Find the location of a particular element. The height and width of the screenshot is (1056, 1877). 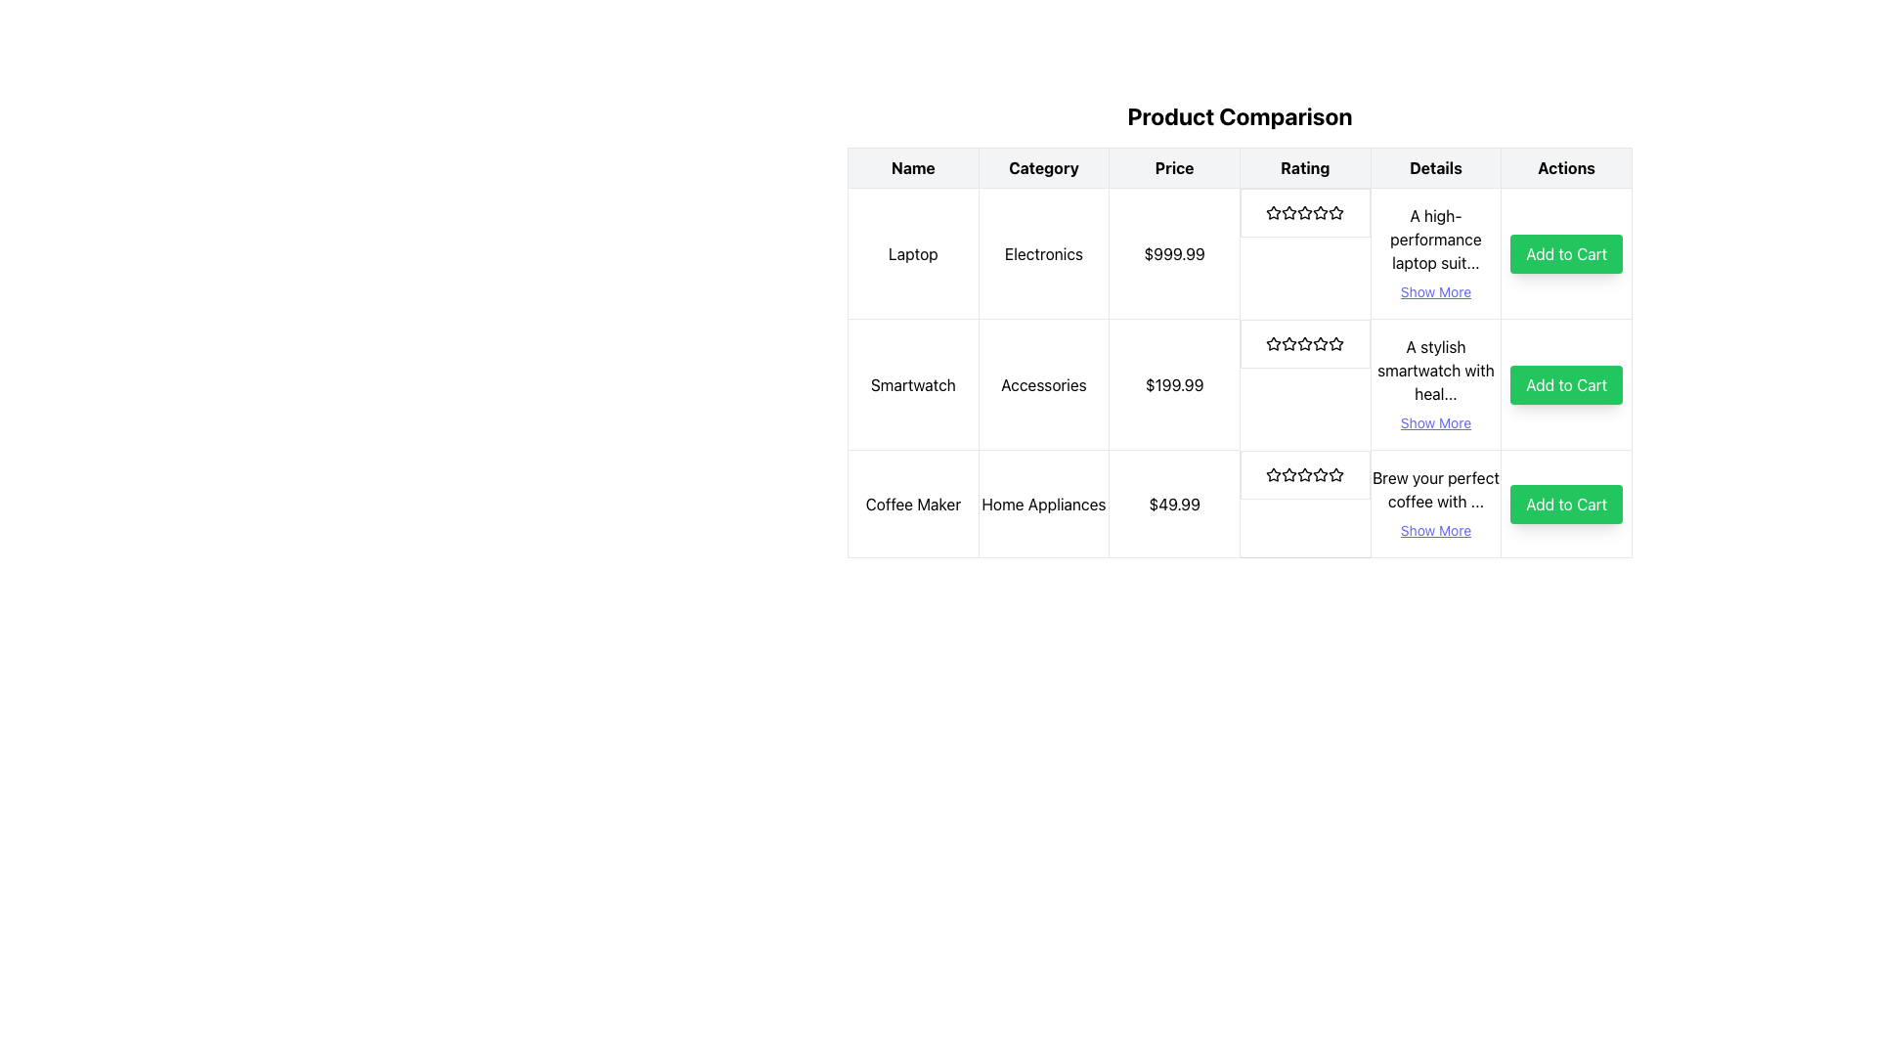

the first star-shaped icon in the 5-star rating system for the smartwatch row in the product comparison table is located at coordinates (1274, 342).